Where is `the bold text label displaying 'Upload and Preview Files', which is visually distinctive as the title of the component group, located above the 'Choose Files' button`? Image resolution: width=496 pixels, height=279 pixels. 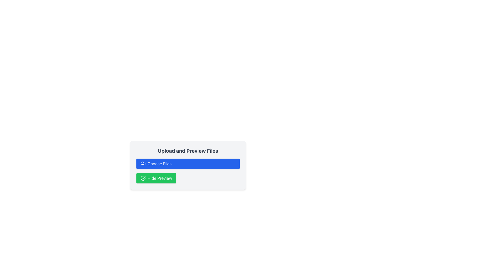
the bold text label displaying 'Upload and Preview Files', which is visually distinctive as the title of the component group, located above the 'Choose Files' button is located at coordinates (188, 151).